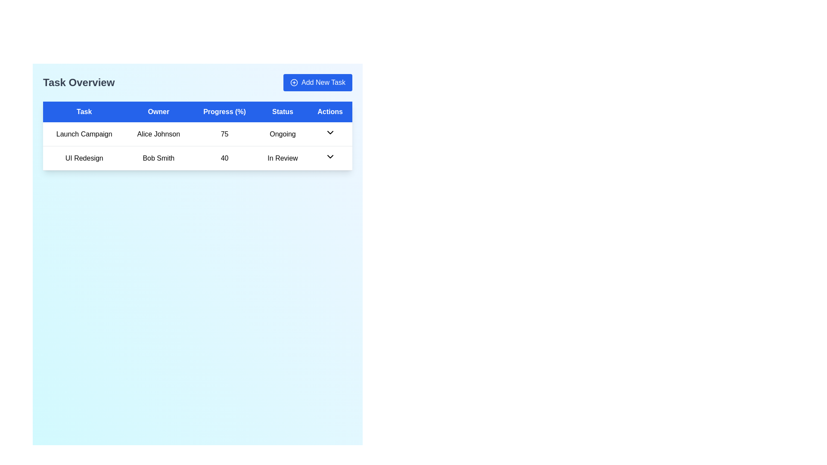  Describe the element at coordinates (84, 111) in the screenshot. I see `the static text label 'Task' in the first column header of the task management table, which is a blue rectangular block with white bold text` at that location.